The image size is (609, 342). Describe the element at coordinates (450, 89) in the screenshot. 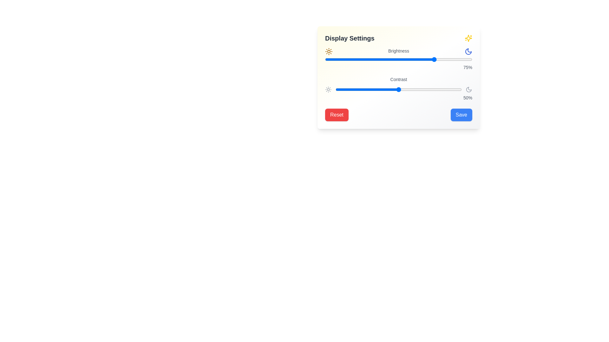

I see `the contrast` at that location.